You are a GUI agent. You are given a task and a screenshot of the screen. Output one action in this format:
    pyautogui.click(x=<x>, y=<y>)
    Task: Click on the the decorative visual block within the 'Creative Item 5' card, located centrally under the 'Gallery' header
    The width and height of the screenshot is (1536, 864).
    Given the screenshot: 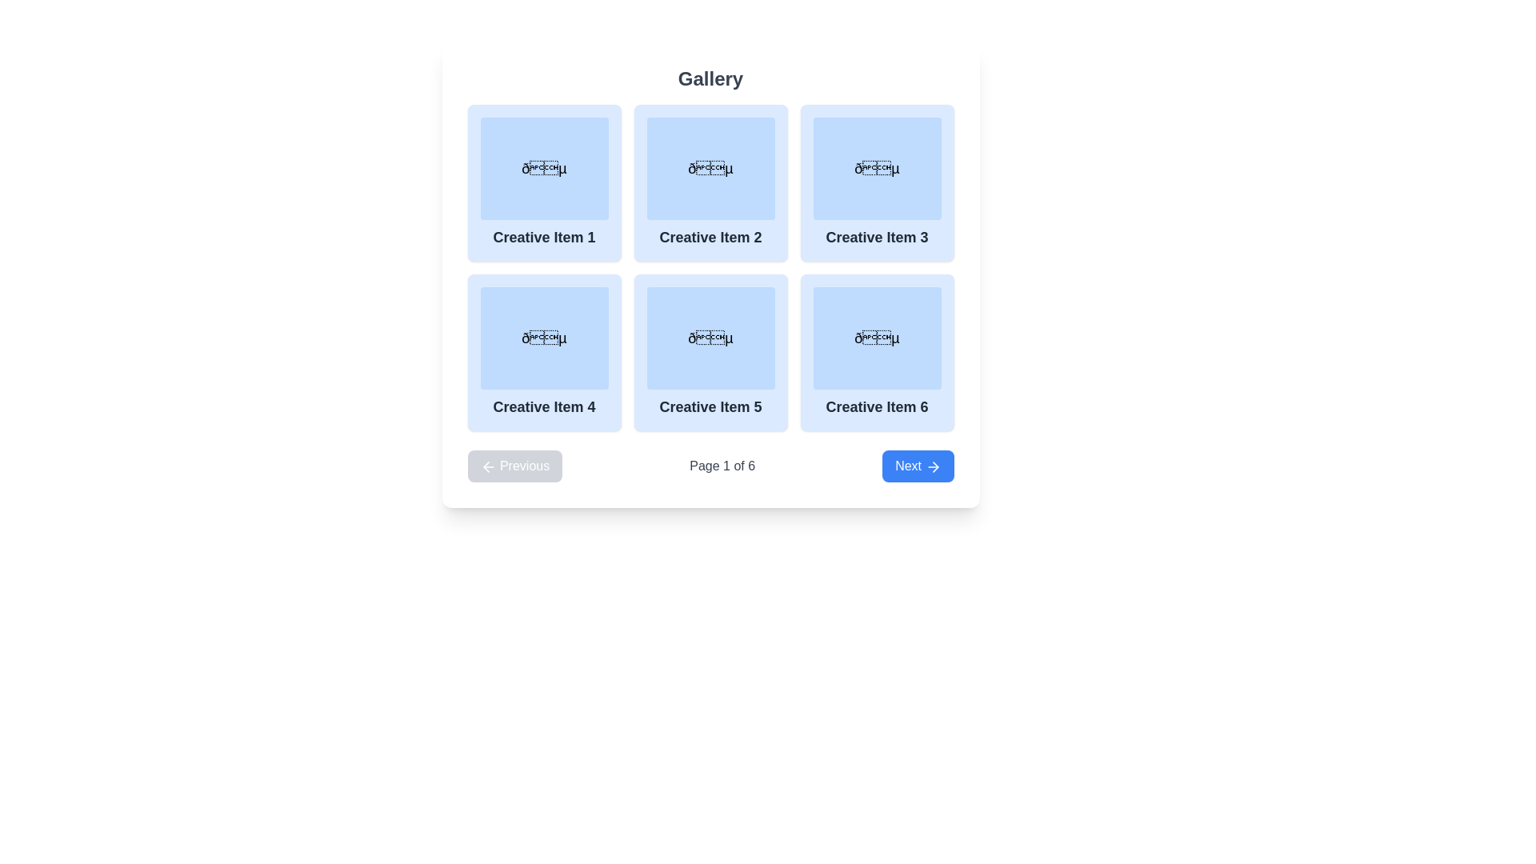 What is the action you would take?
    pyautogui.click(x=710, y=338)
    